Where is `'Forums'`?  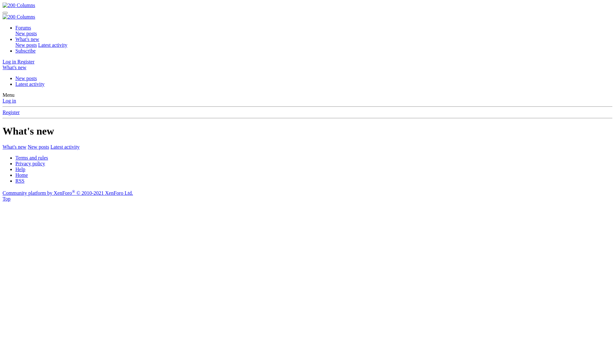 'Forums' is located at coordinates (23, 27).